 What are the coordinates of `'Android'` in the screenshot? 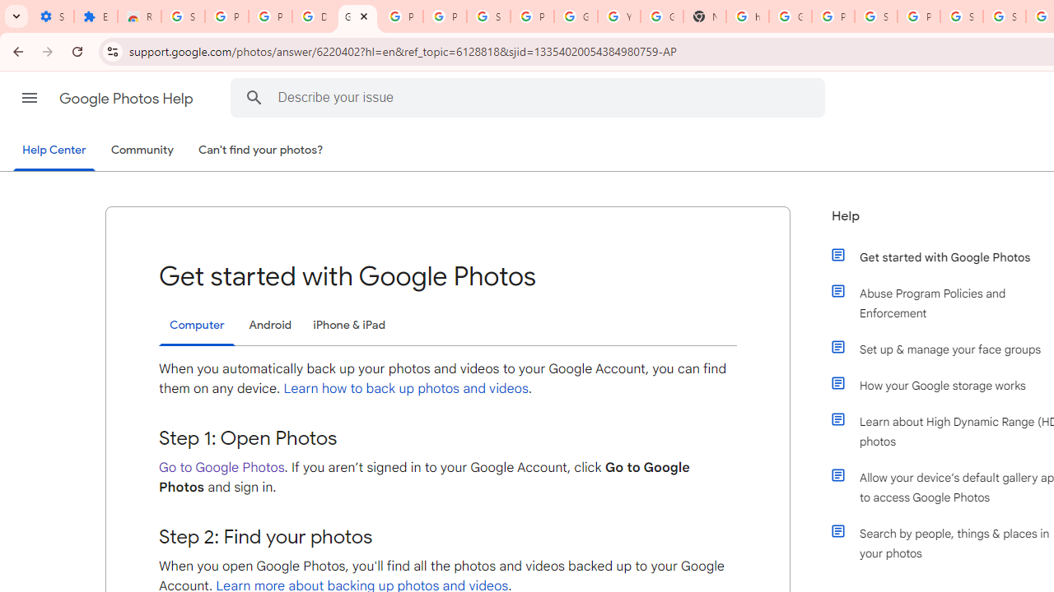 It's located at (270, 325).